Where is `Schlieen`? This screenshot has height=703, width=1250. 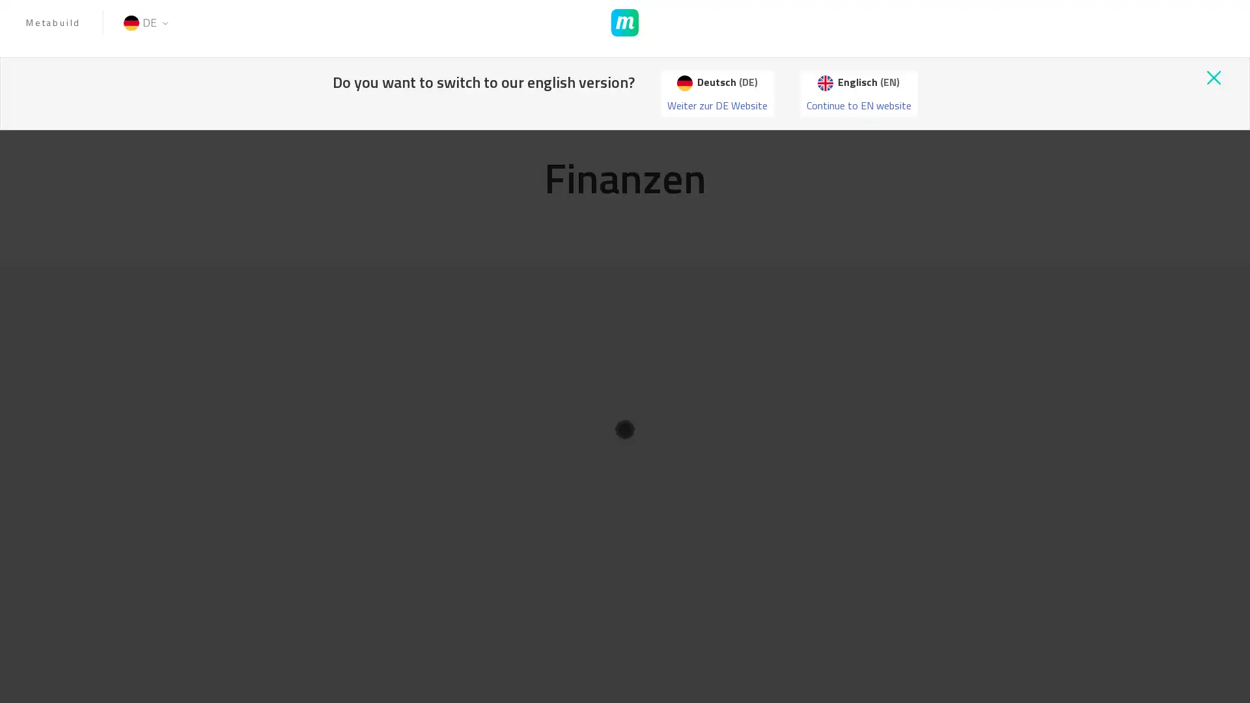 Schlieen is located at coordinates (854, 73).